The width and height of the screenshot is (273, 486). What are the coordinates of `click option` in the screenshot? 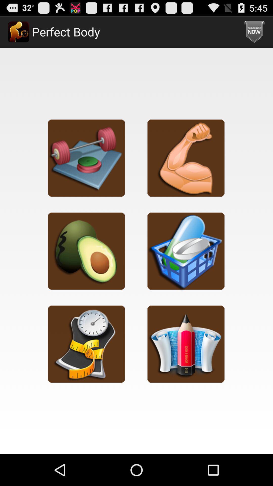 It's located at (86, 344).